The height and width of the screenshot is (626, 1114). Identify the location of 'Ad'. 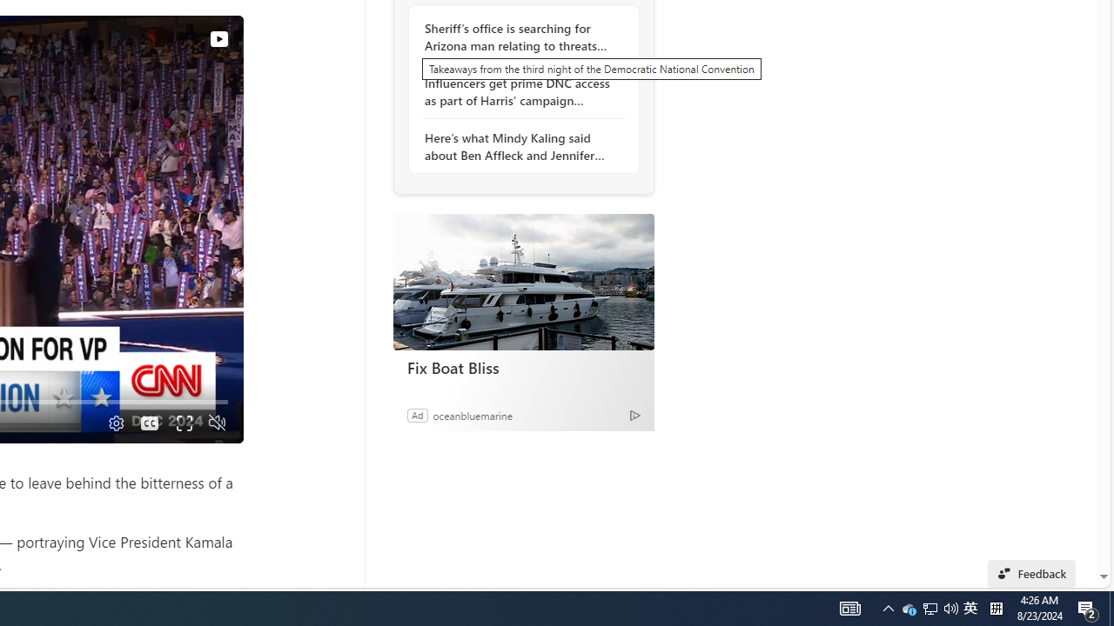
(416, 415).